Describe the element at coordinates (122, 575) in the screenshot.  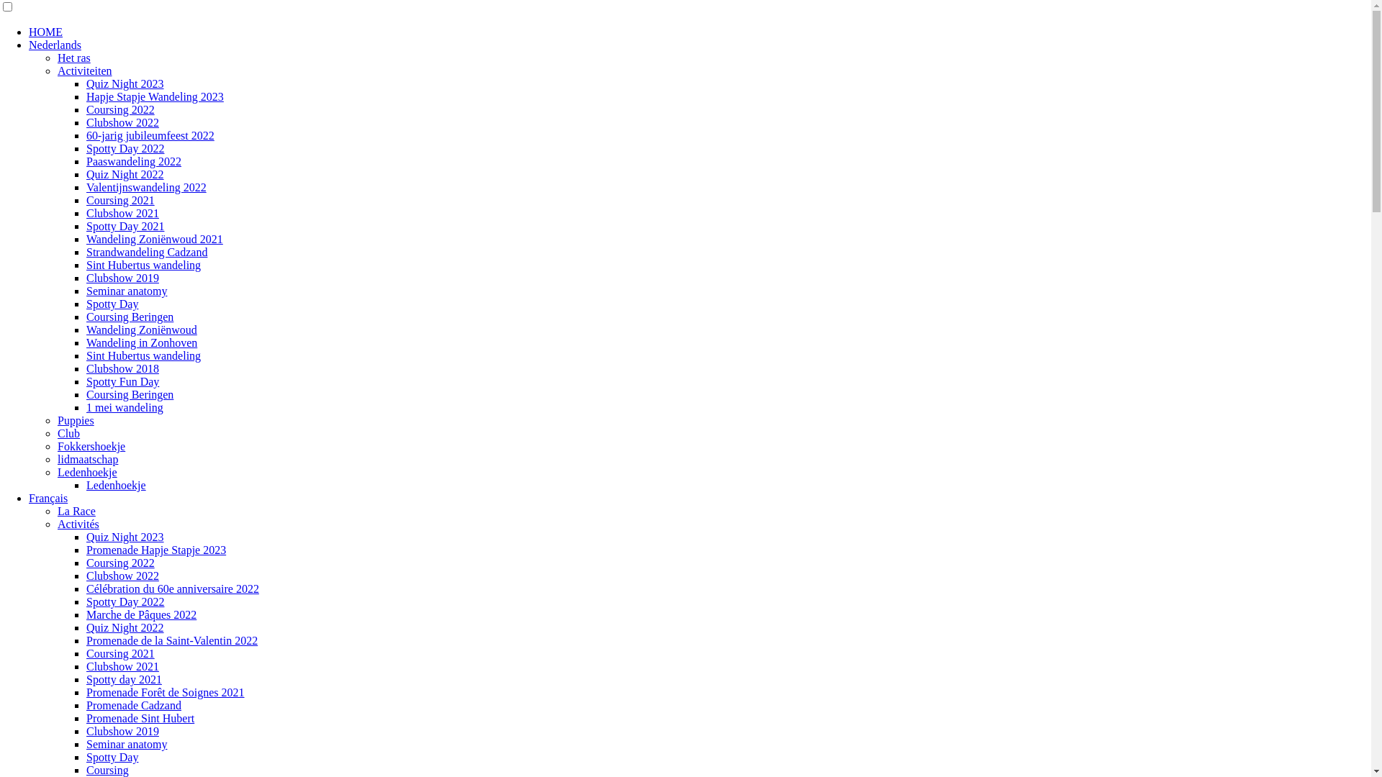
I see `'Clubshow 2022'` at that location.